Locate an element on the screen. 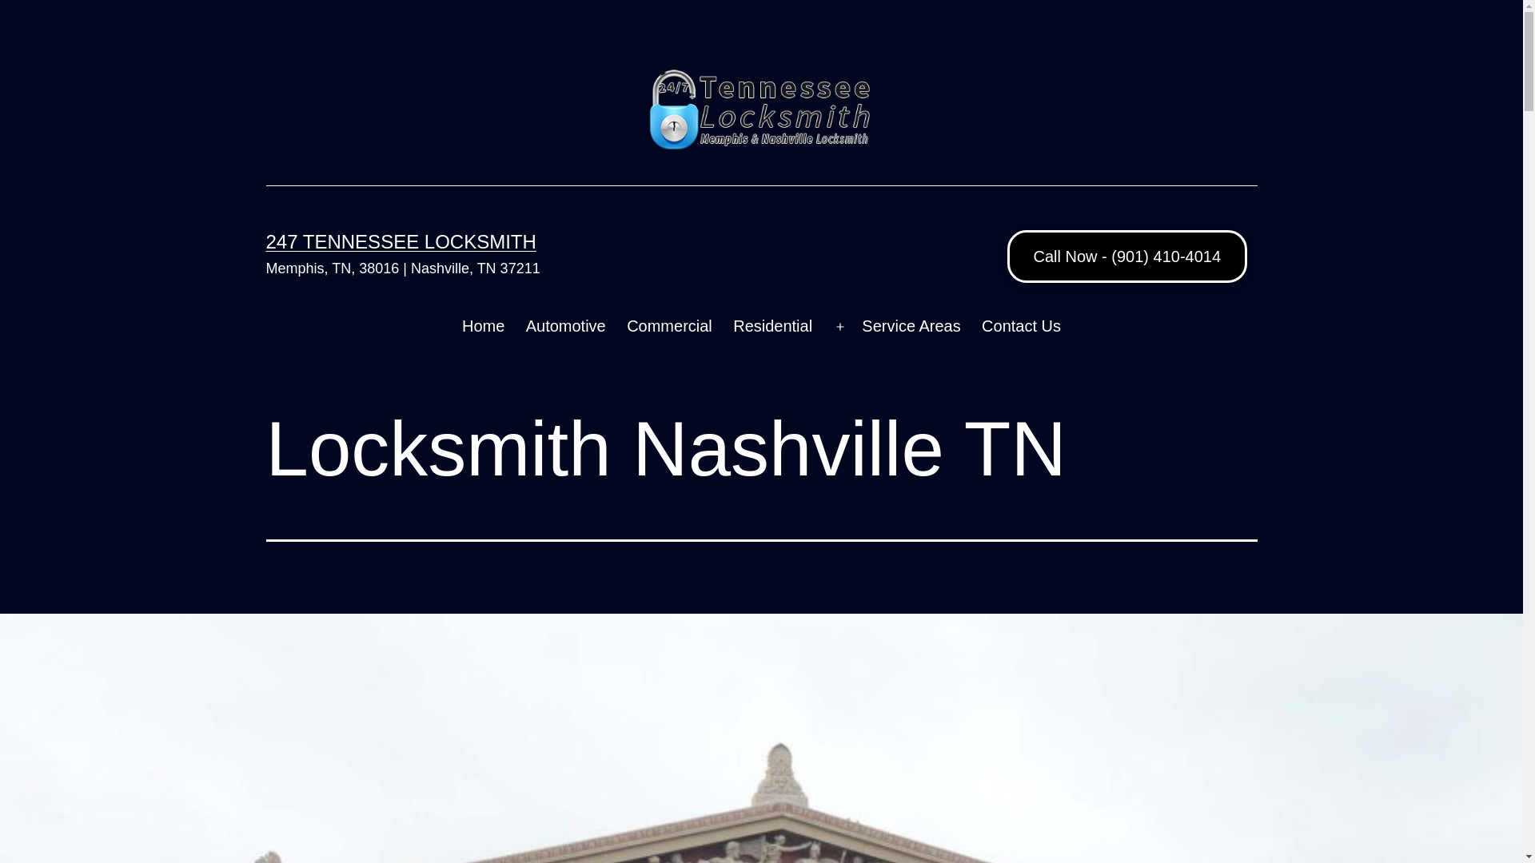  'Contact Us' is located at coordinates (1020, 325).